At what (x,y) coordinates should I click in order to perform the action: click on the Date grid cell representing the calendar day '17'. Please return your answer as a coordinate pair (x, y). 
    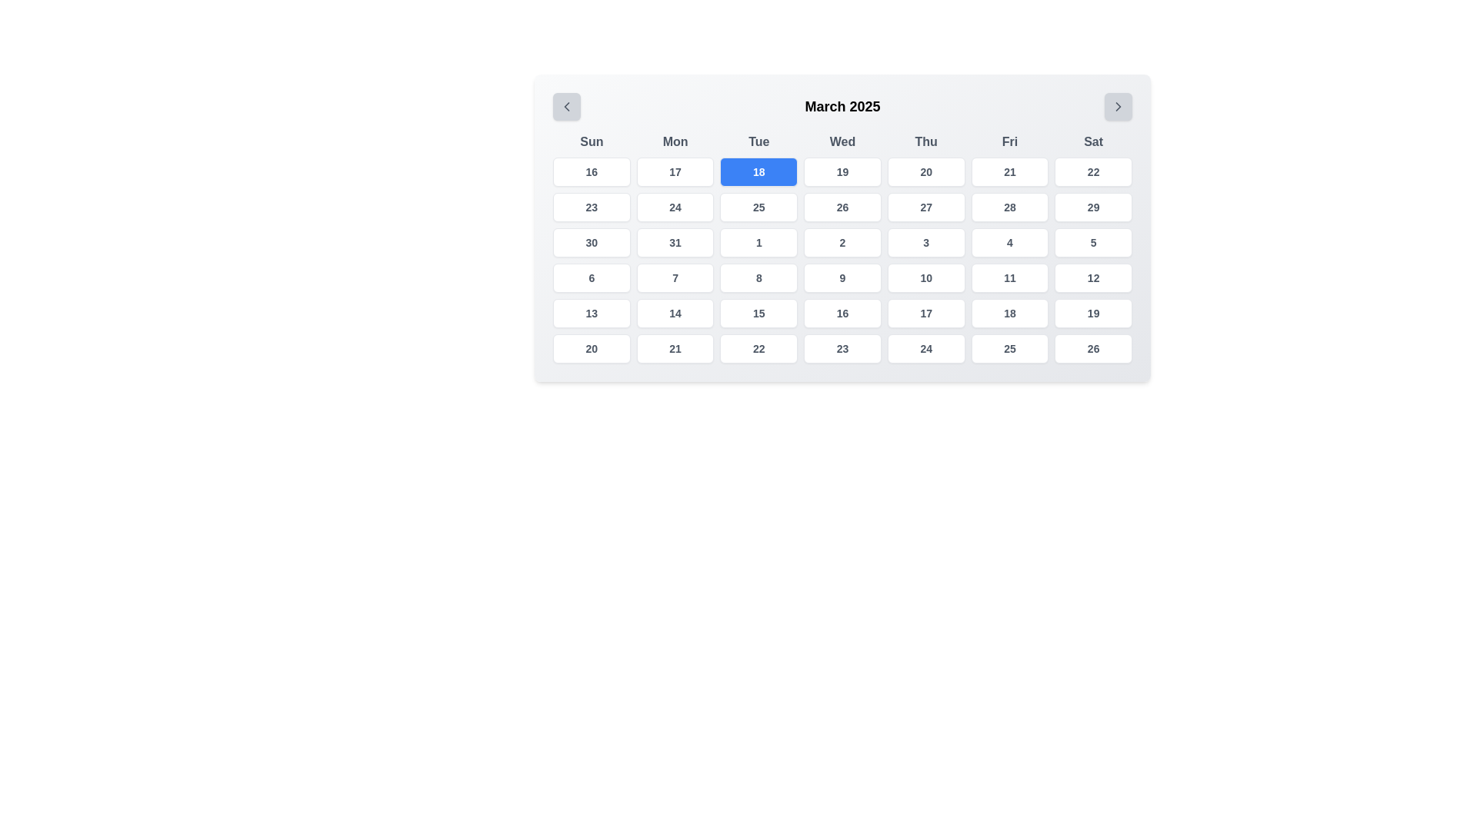
    Looking at the image, I should click on (925, 313).